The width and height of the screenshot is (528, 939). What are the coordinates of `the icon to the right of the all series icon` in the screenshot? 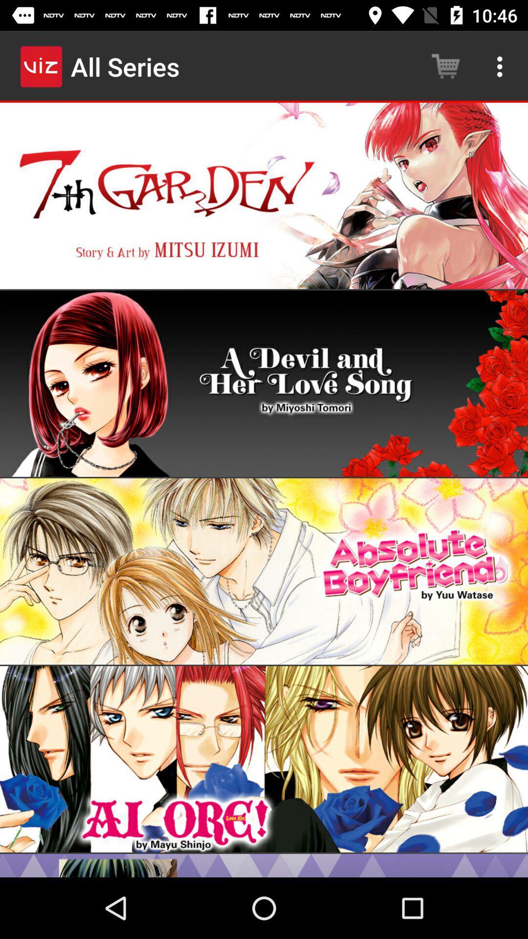 It's located at (445, 66).